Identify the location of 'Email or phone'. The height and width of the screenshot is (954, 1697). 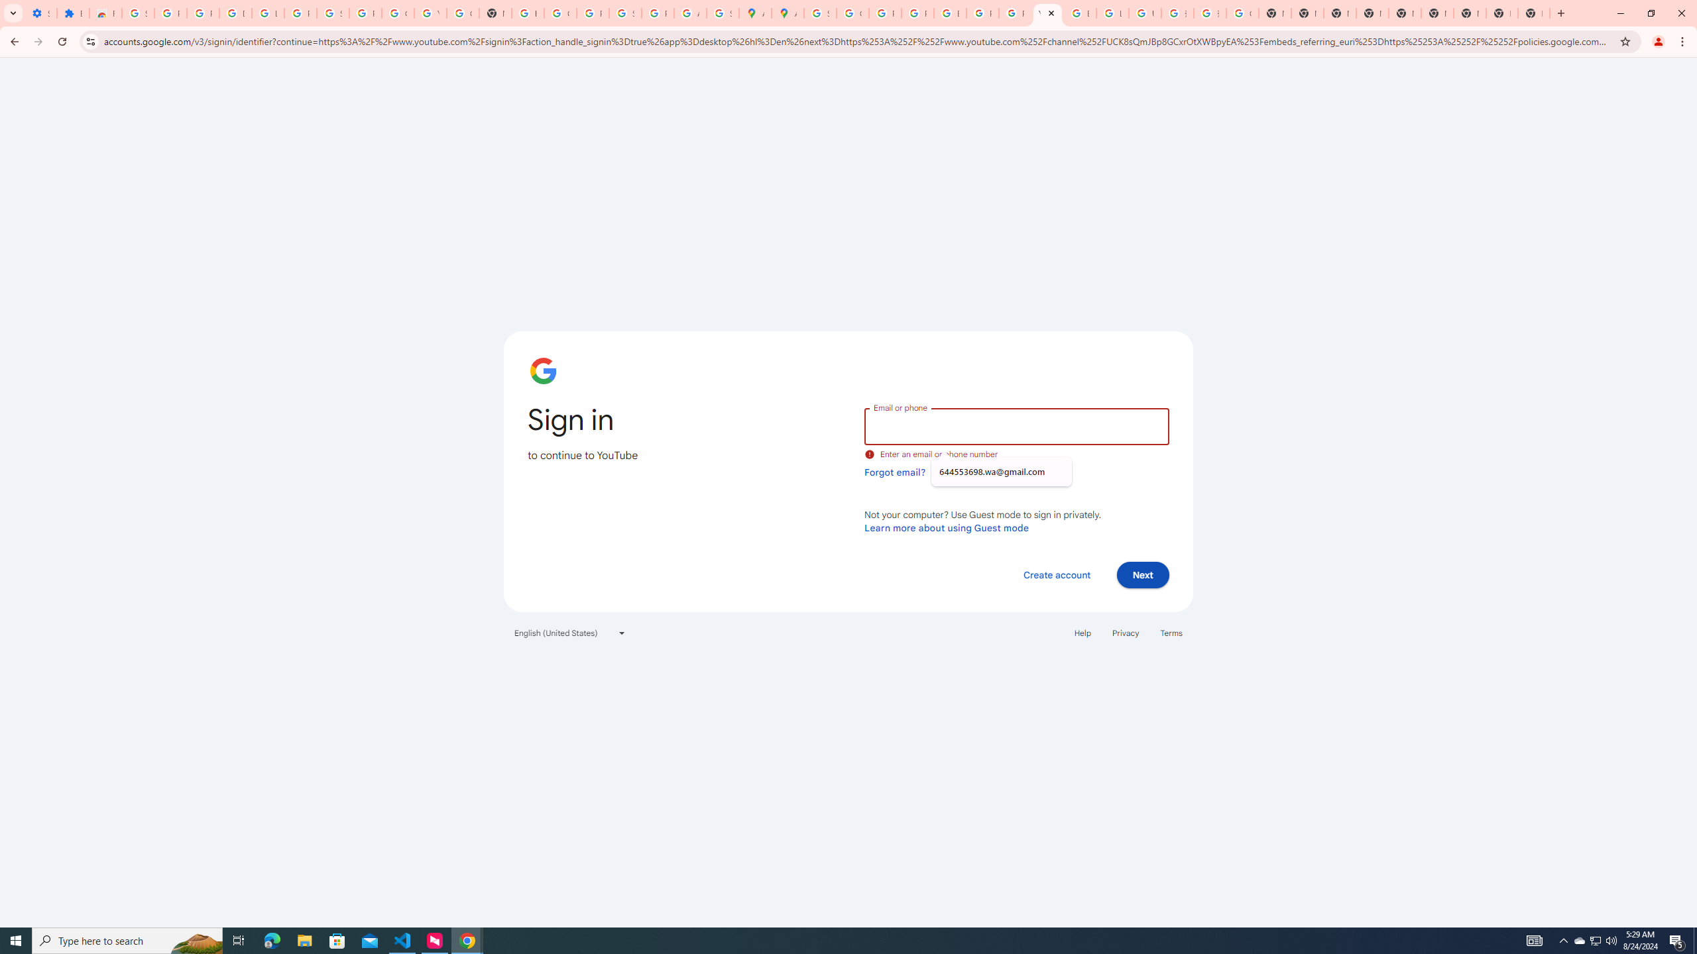
(1016, 425).